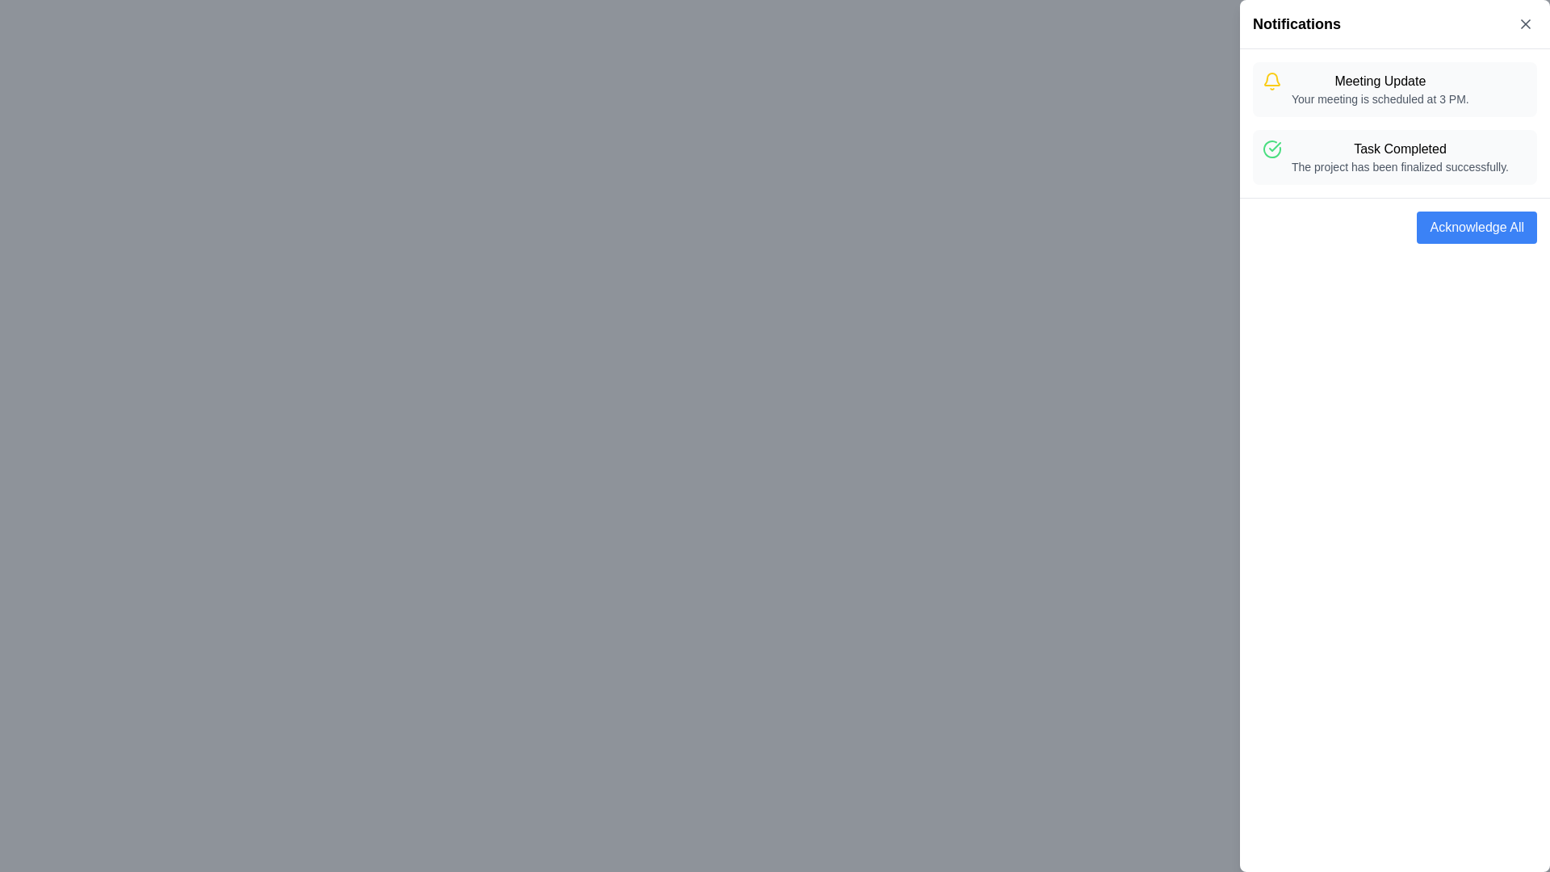  I want to click on the first notification item in the Notifications panel, which has a light gray background, rounded corners, a yellow bell icon, a bold title 'Meeting Update', and a smaller description 'Your meeting is scheduled at 3 PM.', so click(1394, 90).